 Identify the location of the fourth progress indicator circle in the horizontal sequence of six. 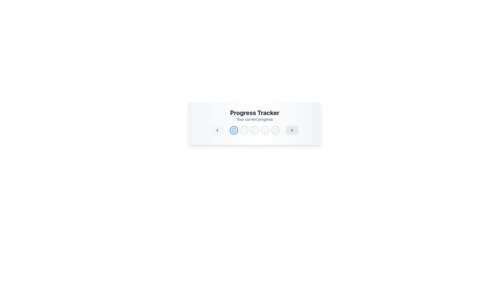
(265, 130).